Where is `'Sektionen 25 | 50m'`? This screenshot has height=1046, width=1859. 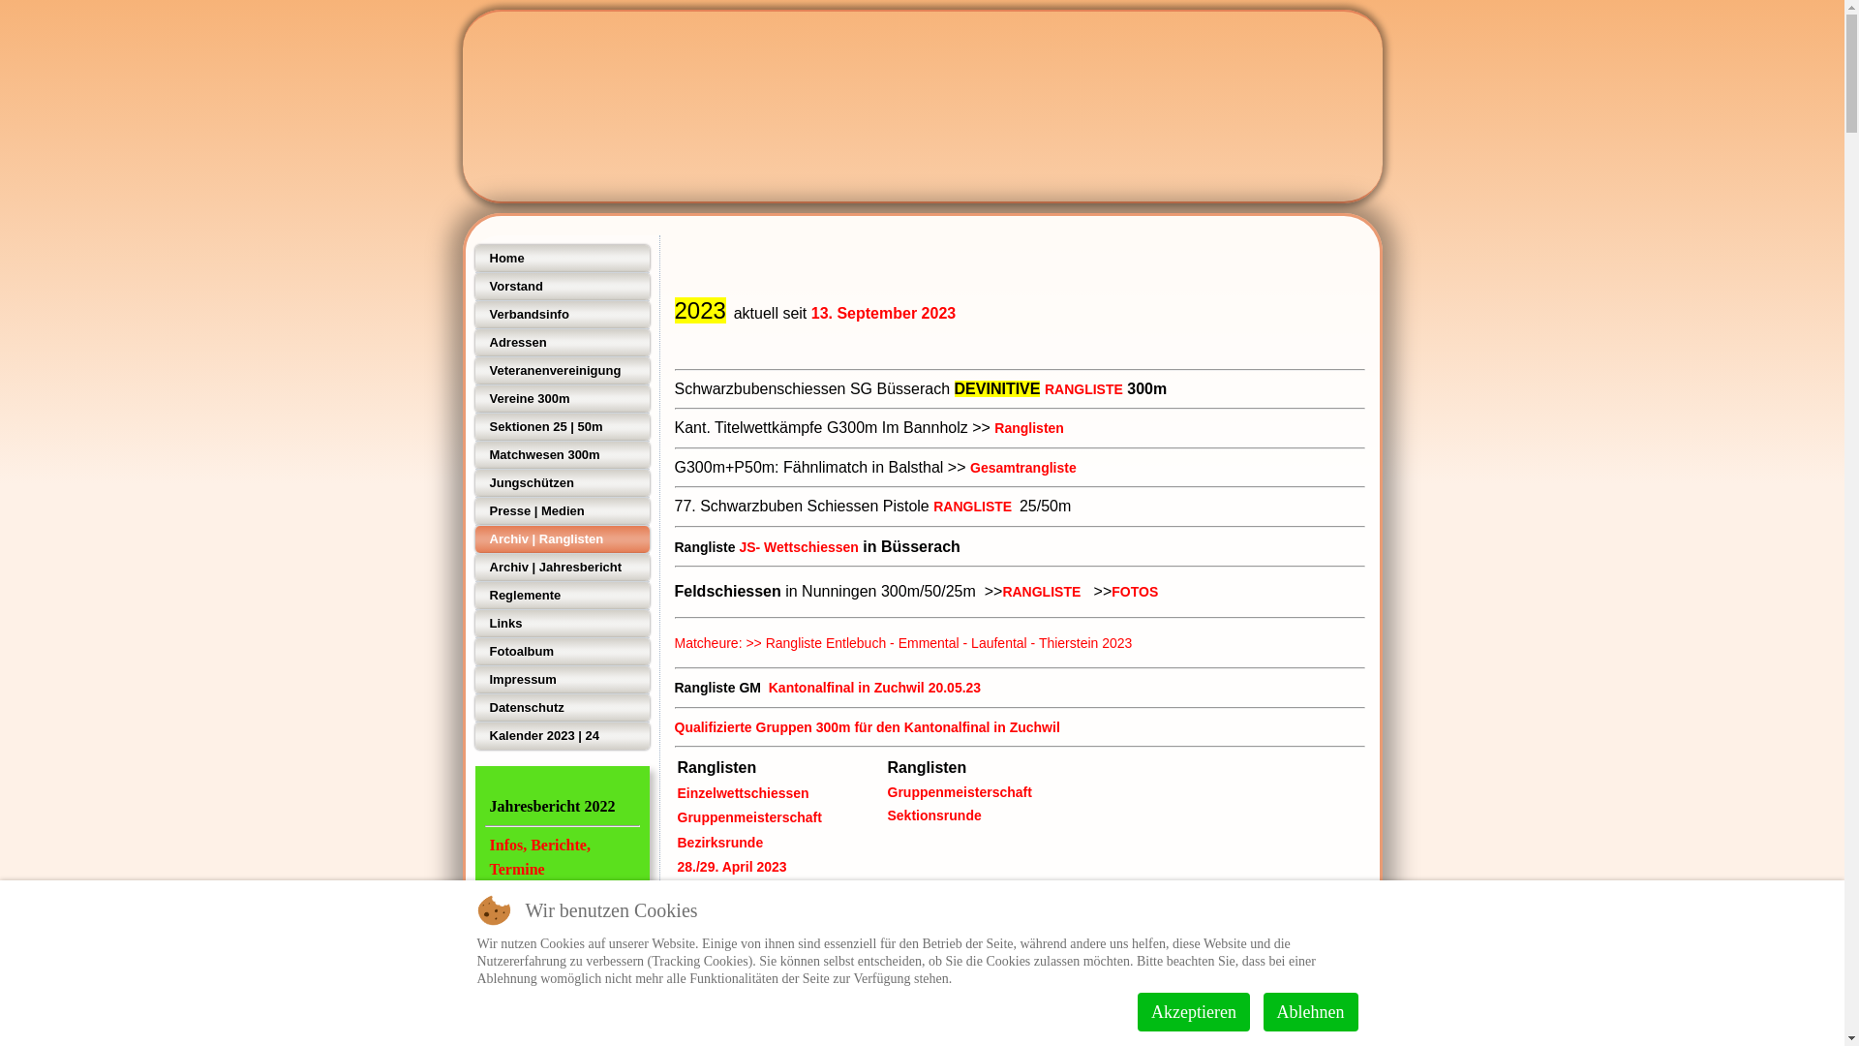
'Sektionen 25 | 50m' is located at coordinates (473, 425).